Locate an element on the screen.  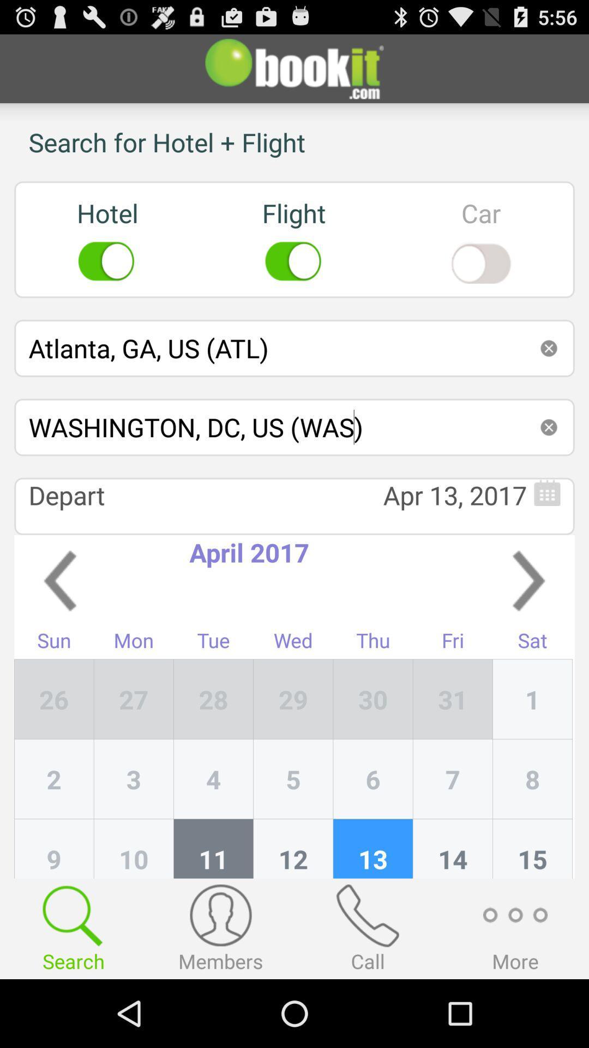
item next to the sat icon is located at coordinates (453, 699).